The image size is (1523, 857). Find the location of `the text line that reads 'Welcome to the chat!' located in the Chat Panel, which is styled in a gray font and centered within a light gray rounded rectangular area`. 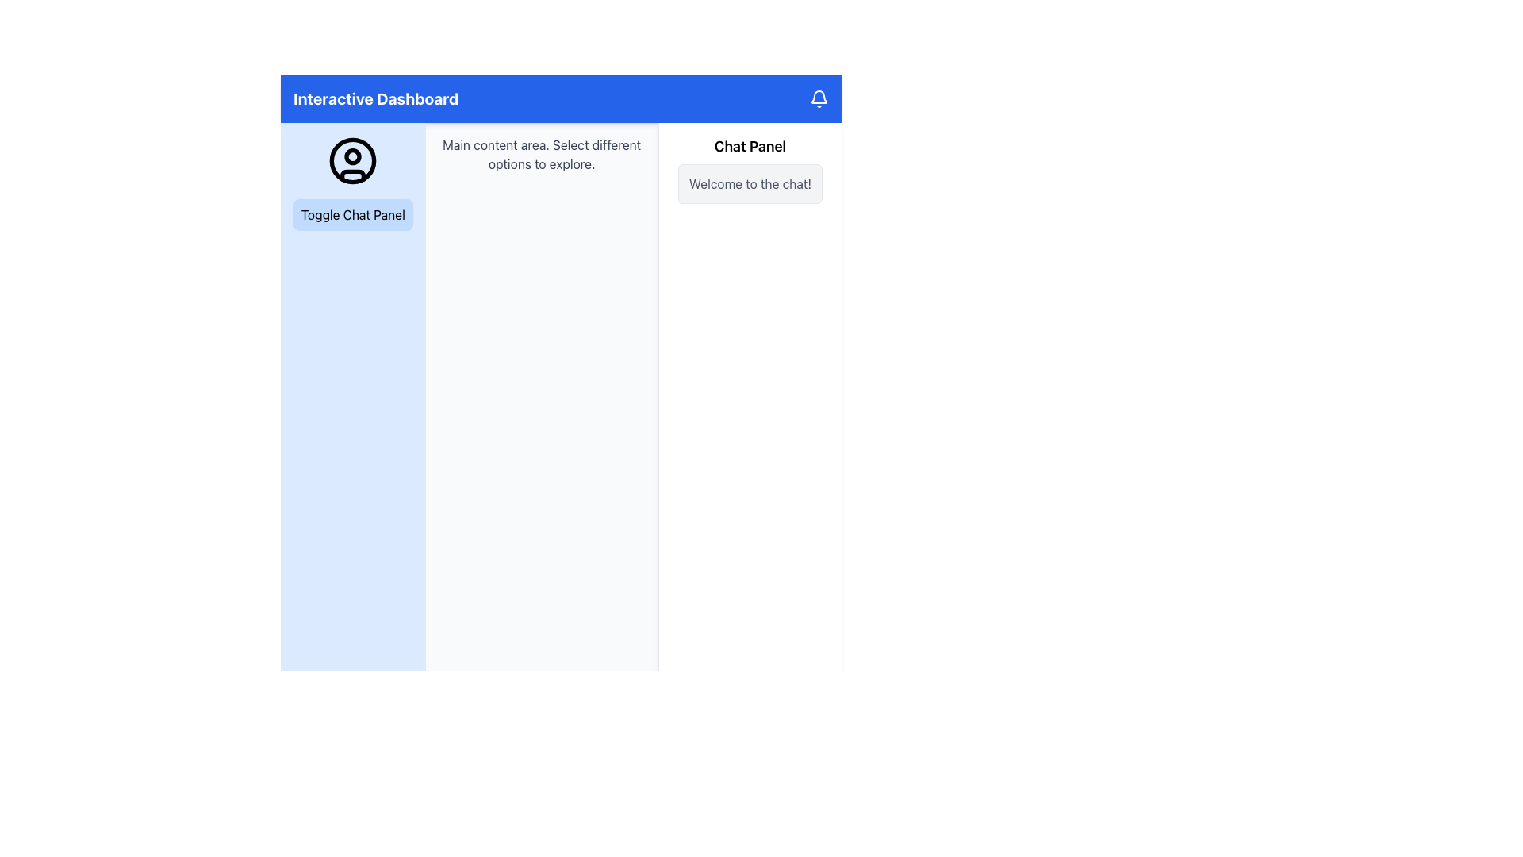

the text line that reads 'Welcome to the chat!' located in the Chat Panel, which is styled in a gray font and centered within a light gray rounded rectangular area is located at coordinates (749, 183).